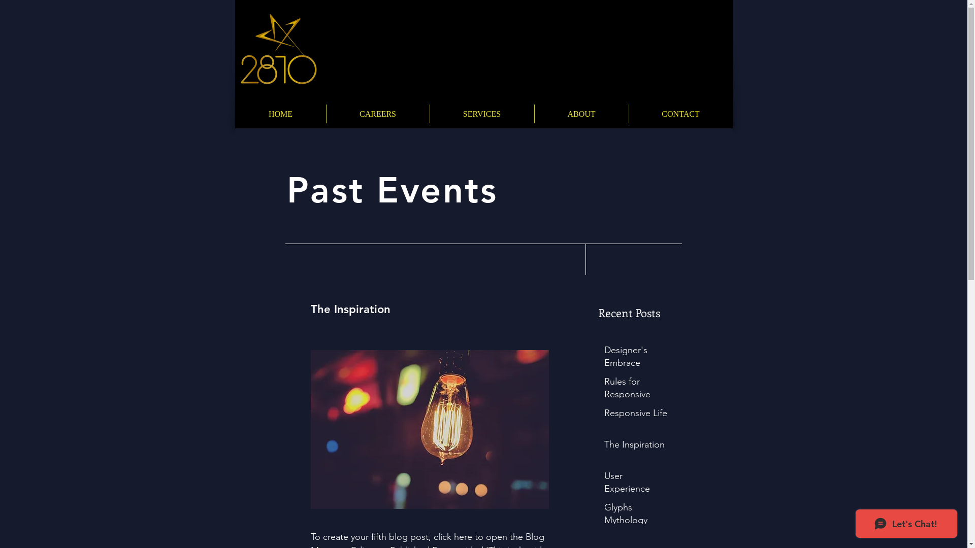 This screenshot has height=548, width=975. I want to click on 'CONTACT', so click(628, 114).